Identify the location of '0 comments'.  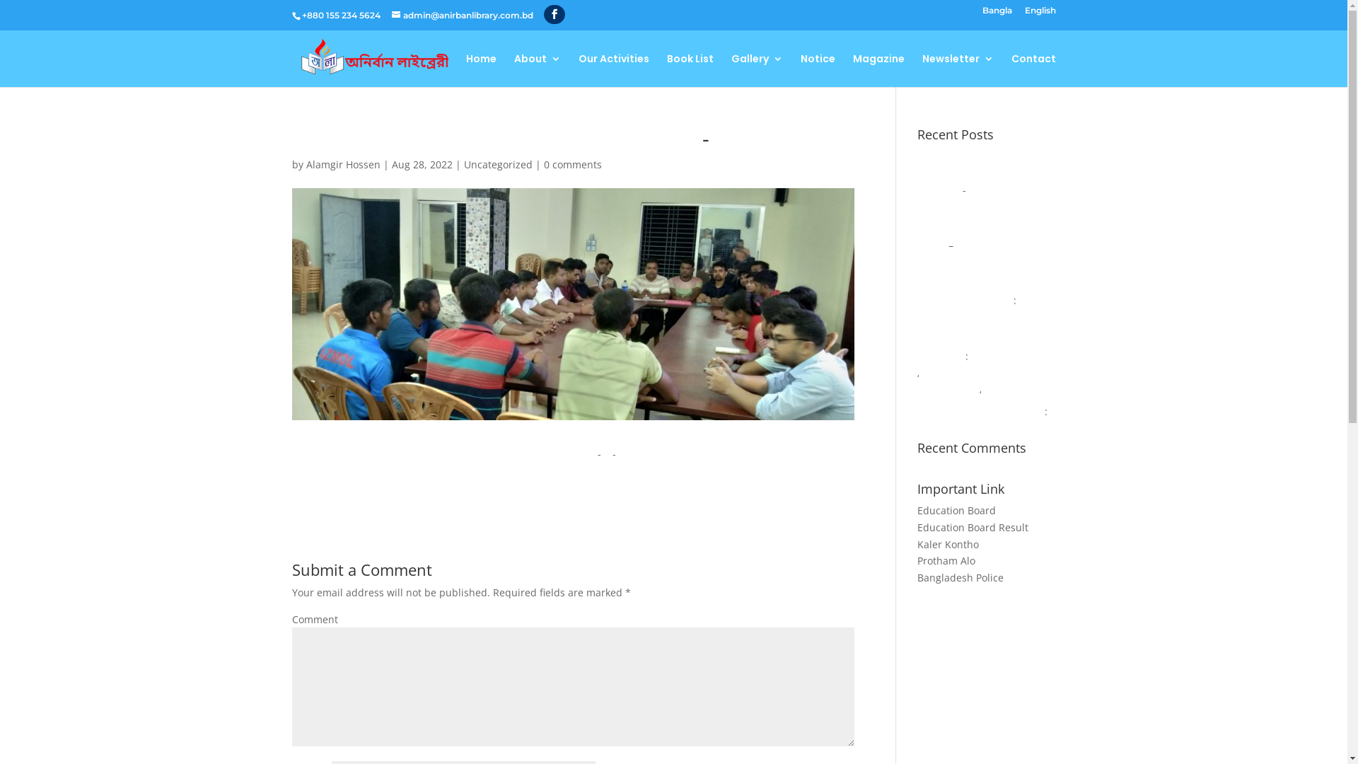
(572, 163).